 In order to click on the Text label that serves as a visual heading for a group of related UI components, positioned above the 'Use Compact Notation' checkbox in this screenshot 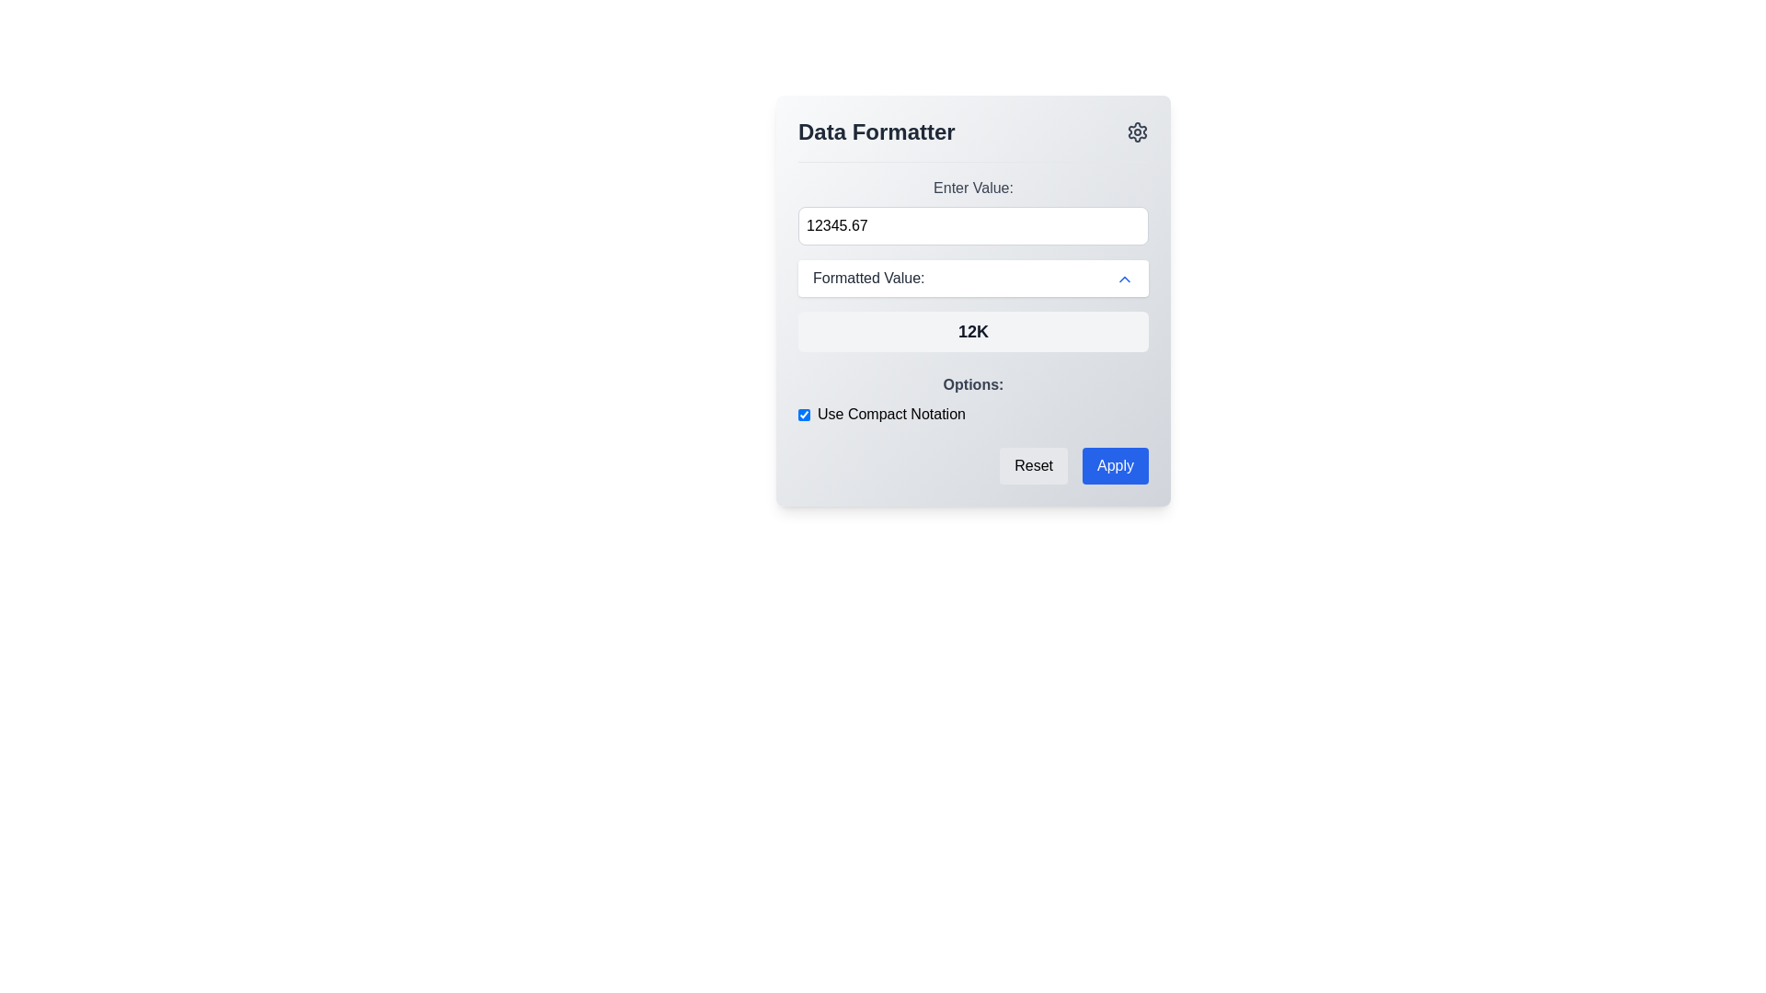, I will do `click(972, 384)`.